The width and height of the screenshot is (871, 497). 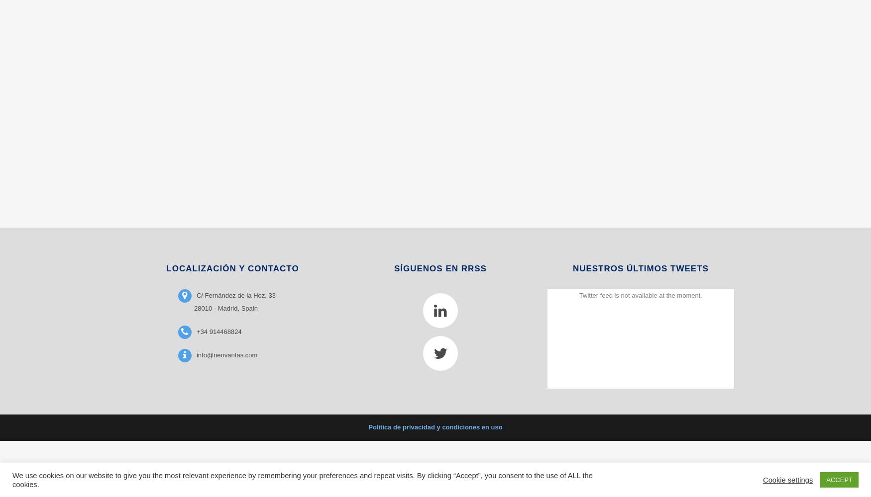 What do you see at coordinates (640, 268) in the screenshot?
I see `'NUESTROS ÚLTIMOS TWEETS'` at bounding box center [640, 268].